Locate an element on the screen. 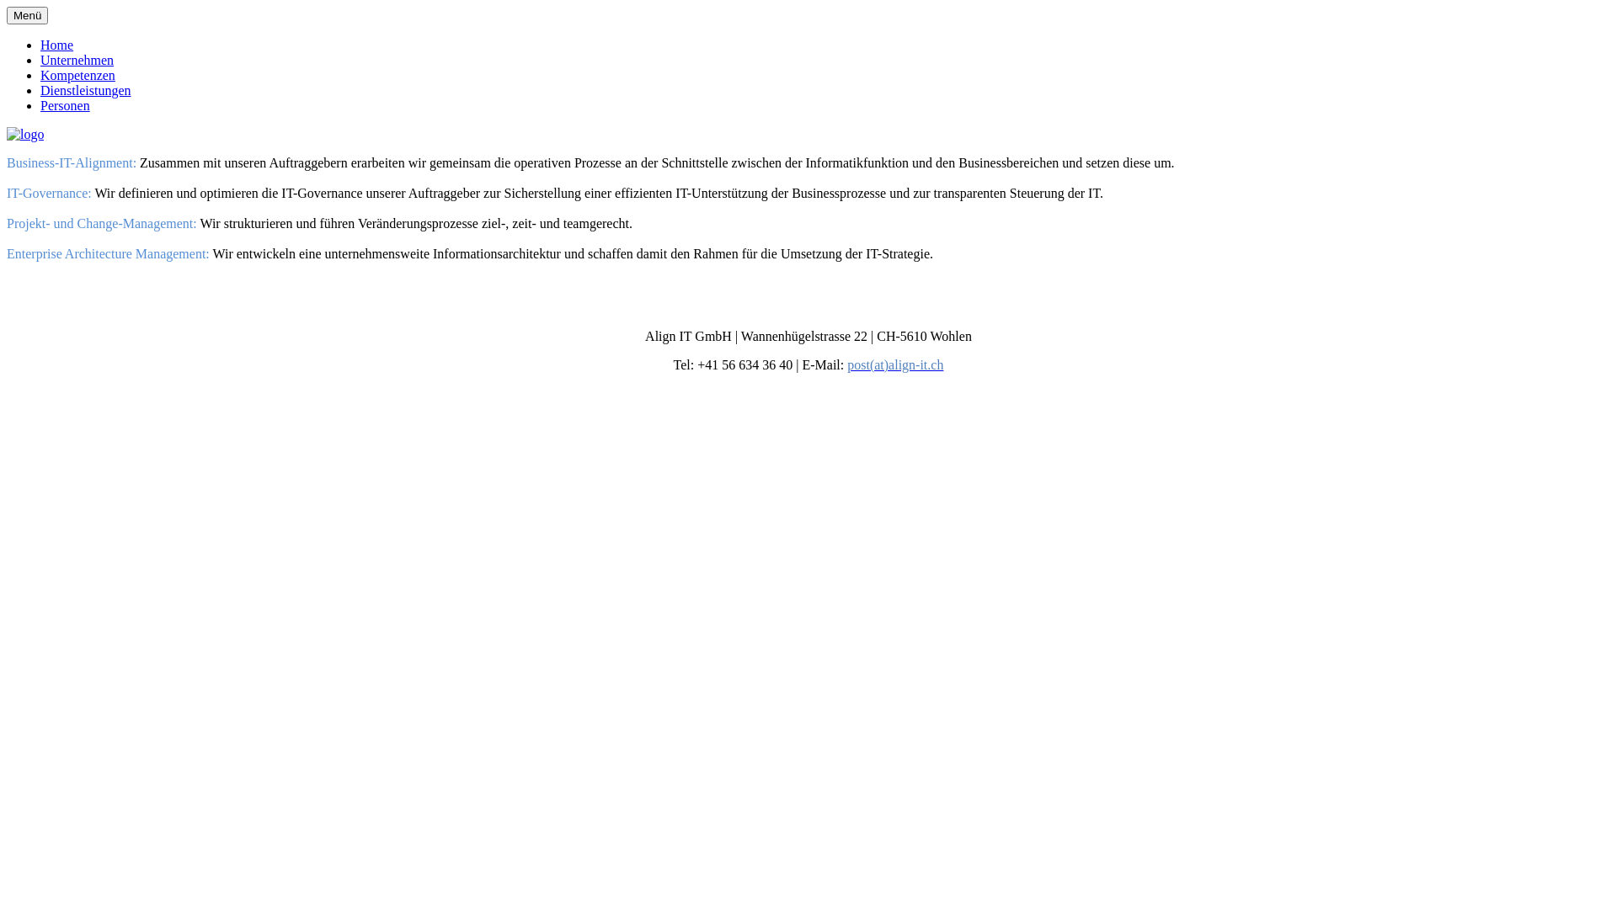 This screenshot has height=909, width=1617. 'logo' is located at coordinates (24, 133).